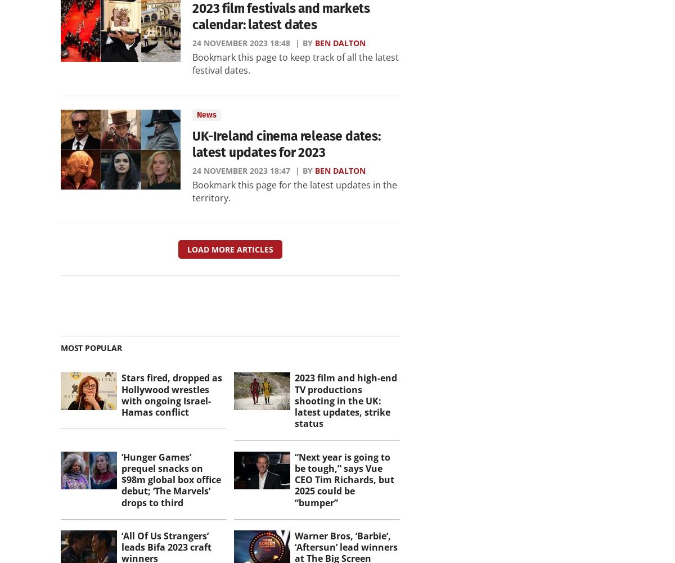 The image size is (675, 563). I want to click on 'Bookmark this page to keep track of all the latest festival dates.', so click(295, 62).